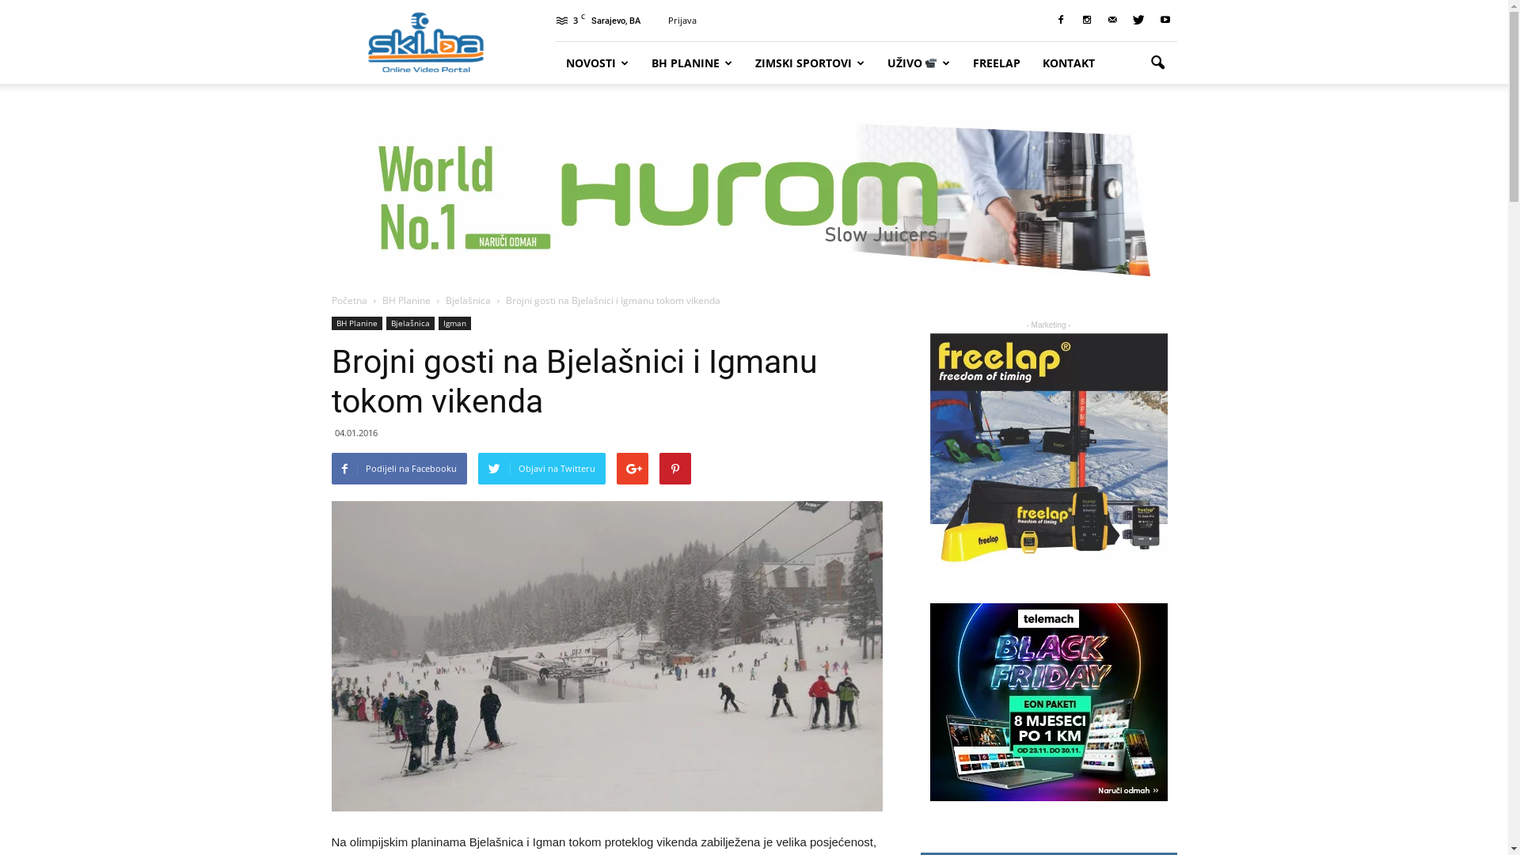  What do you see at coordinates (1164, 21) in the screenshot?
I see `'Youtube'` at bounding box center [1164, 21].